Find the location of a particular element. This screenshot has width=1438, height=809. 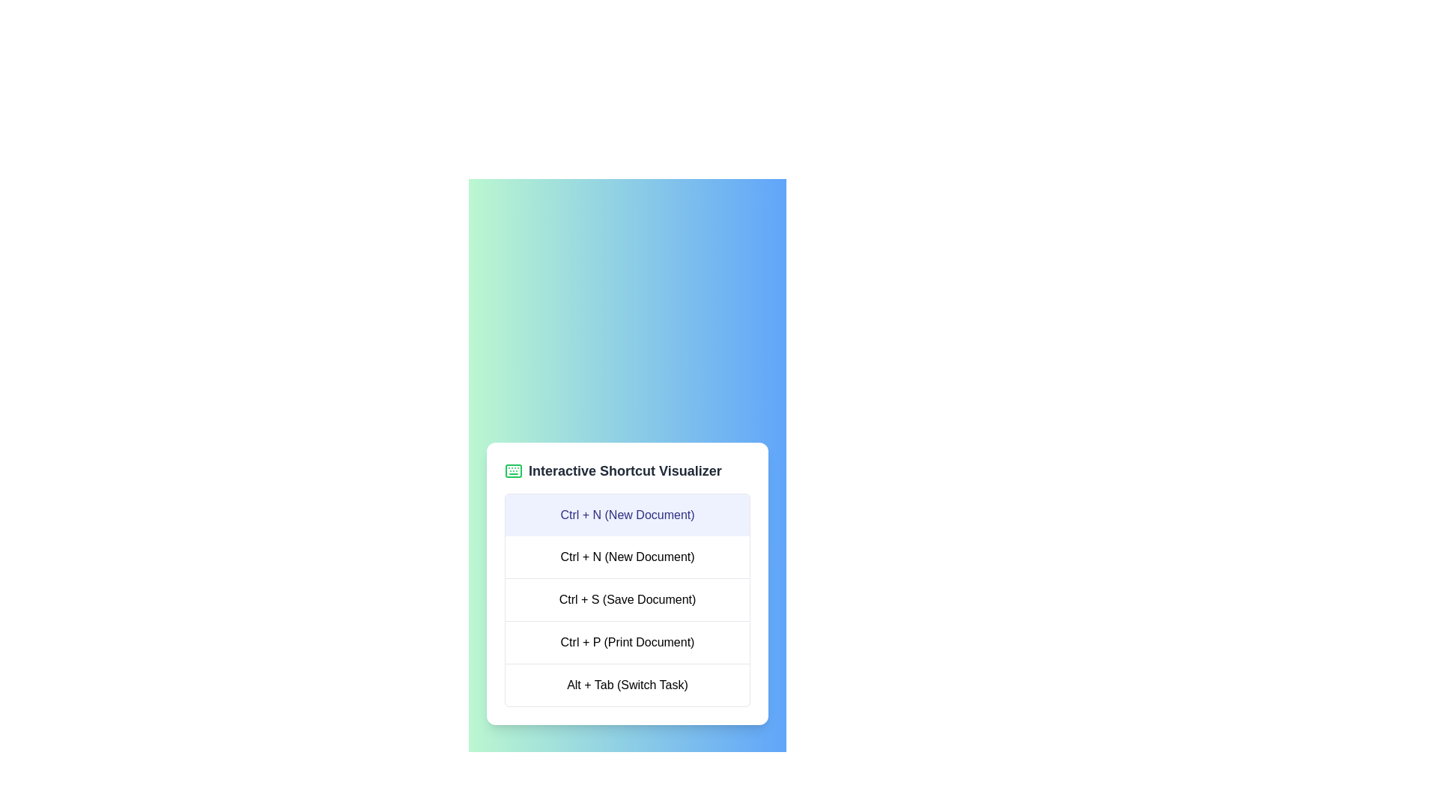

information presented in the static text component displaying a list of keyboard shortcuts located in the 'Interactive Shortcut Visualizer' card interface is located at coordinates (628, 599).